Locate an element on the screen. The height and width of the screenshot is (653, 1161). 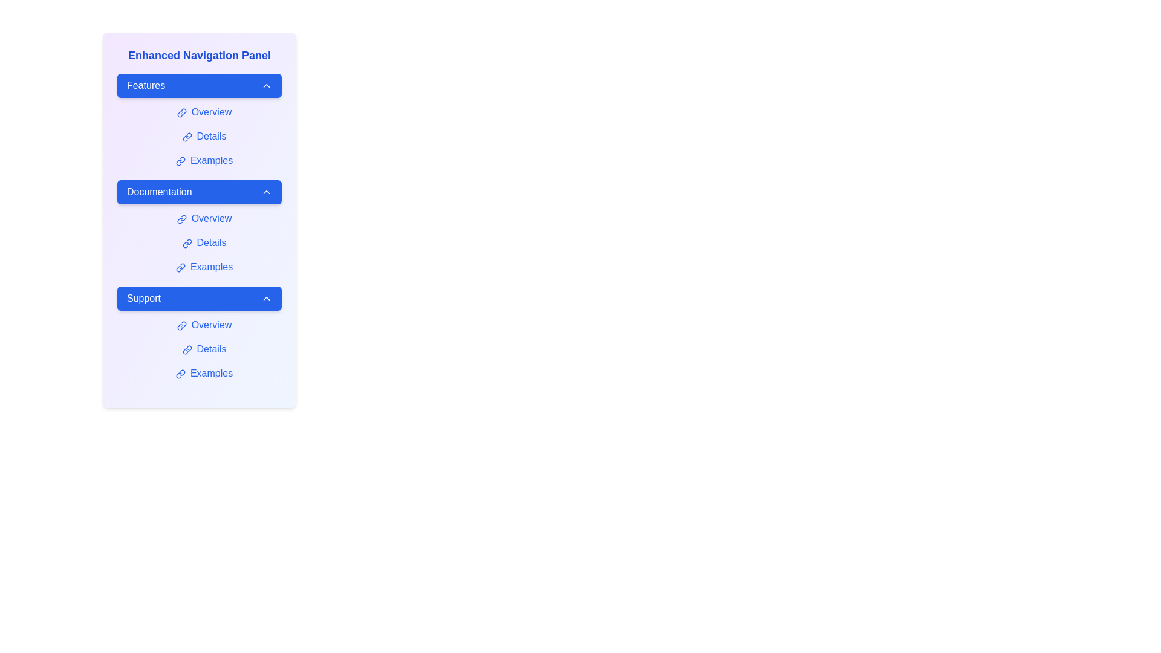
the clickable link icon located in the 'Support' section next to the 'Examples' text label in the navigation panel is located at coordinates (178, 375).